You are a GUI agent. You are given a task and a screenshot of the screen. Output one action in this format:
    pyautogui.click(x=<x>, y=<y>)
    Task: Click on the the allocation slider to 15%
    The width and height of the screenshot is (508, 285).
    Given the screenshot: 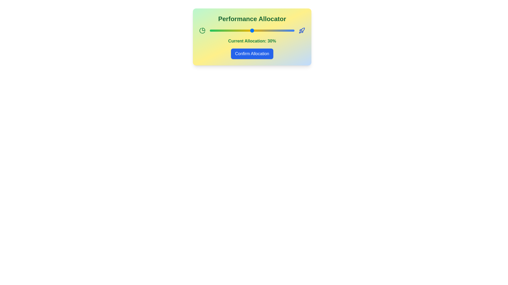 What is the action you would take?
    pyautogui.click(x=220, y=30)
    